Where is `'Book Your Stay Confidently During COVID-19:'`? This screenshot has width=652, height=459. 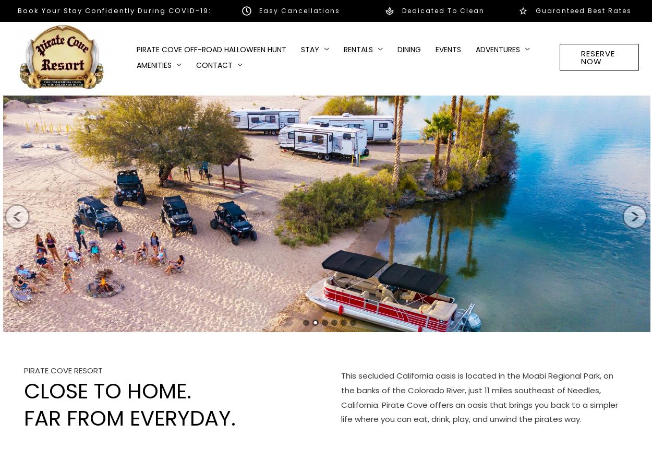 'Book Your Stay Confidently During COVID-19:' is located at coordinates (113, 10).